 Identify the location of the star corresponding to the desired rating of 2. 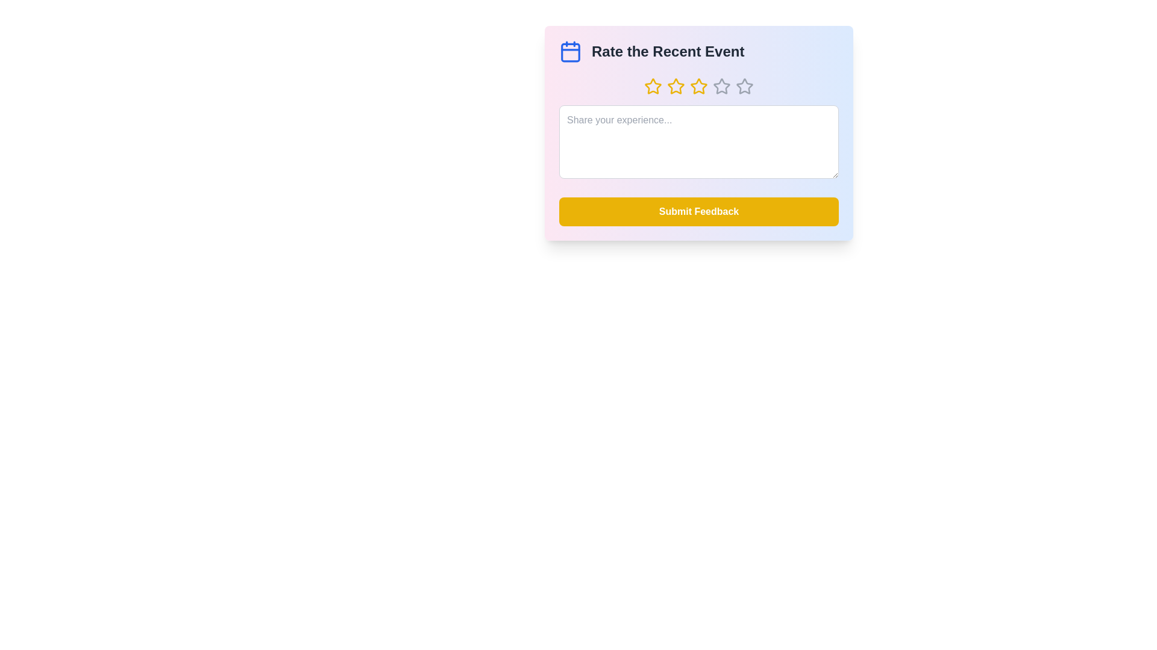
(676, 85).